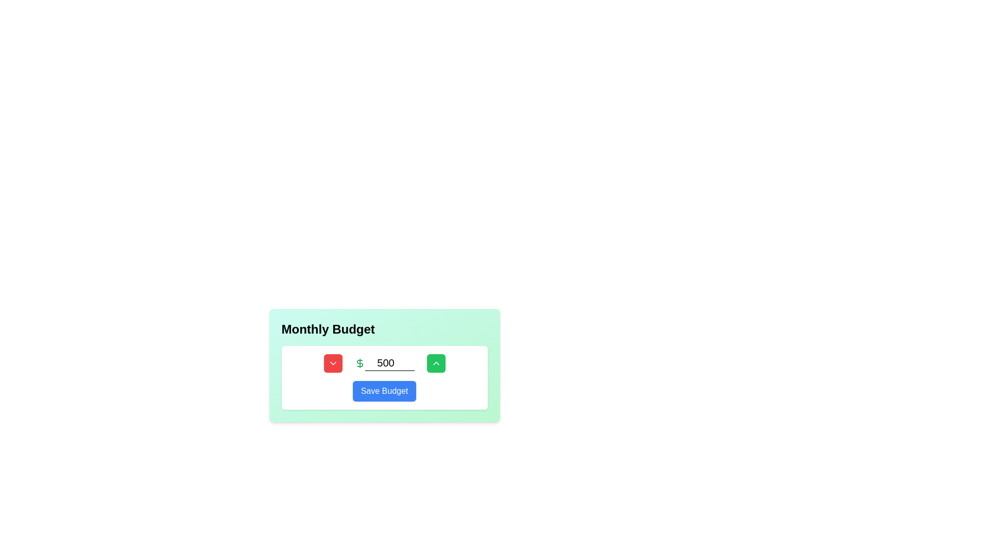  What do you see at coordinates (328, 329) in the screenshot?
I see `text label that serves as the heading for the user's monthly budget section, located at the upper center of the light green background block` at bounding box center [328, 329].